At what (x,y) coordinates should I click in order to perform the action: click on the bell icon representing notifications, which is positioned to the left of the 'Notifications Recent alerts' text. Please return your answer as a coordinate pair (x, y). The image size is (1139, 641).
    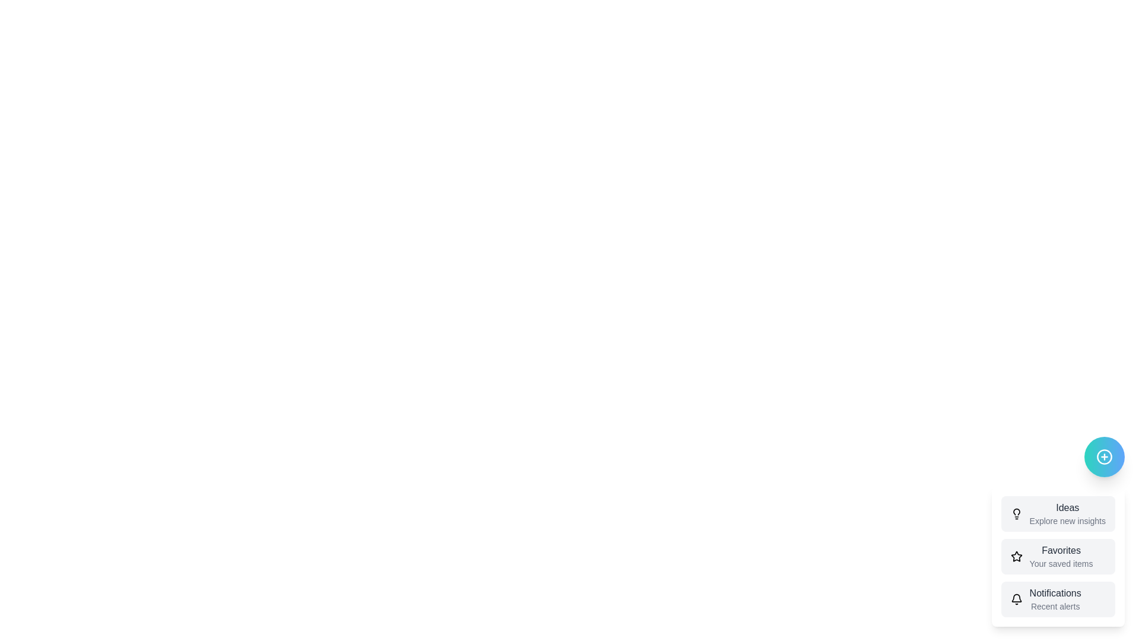
    Looking at the image, I should click on (1016, 599).